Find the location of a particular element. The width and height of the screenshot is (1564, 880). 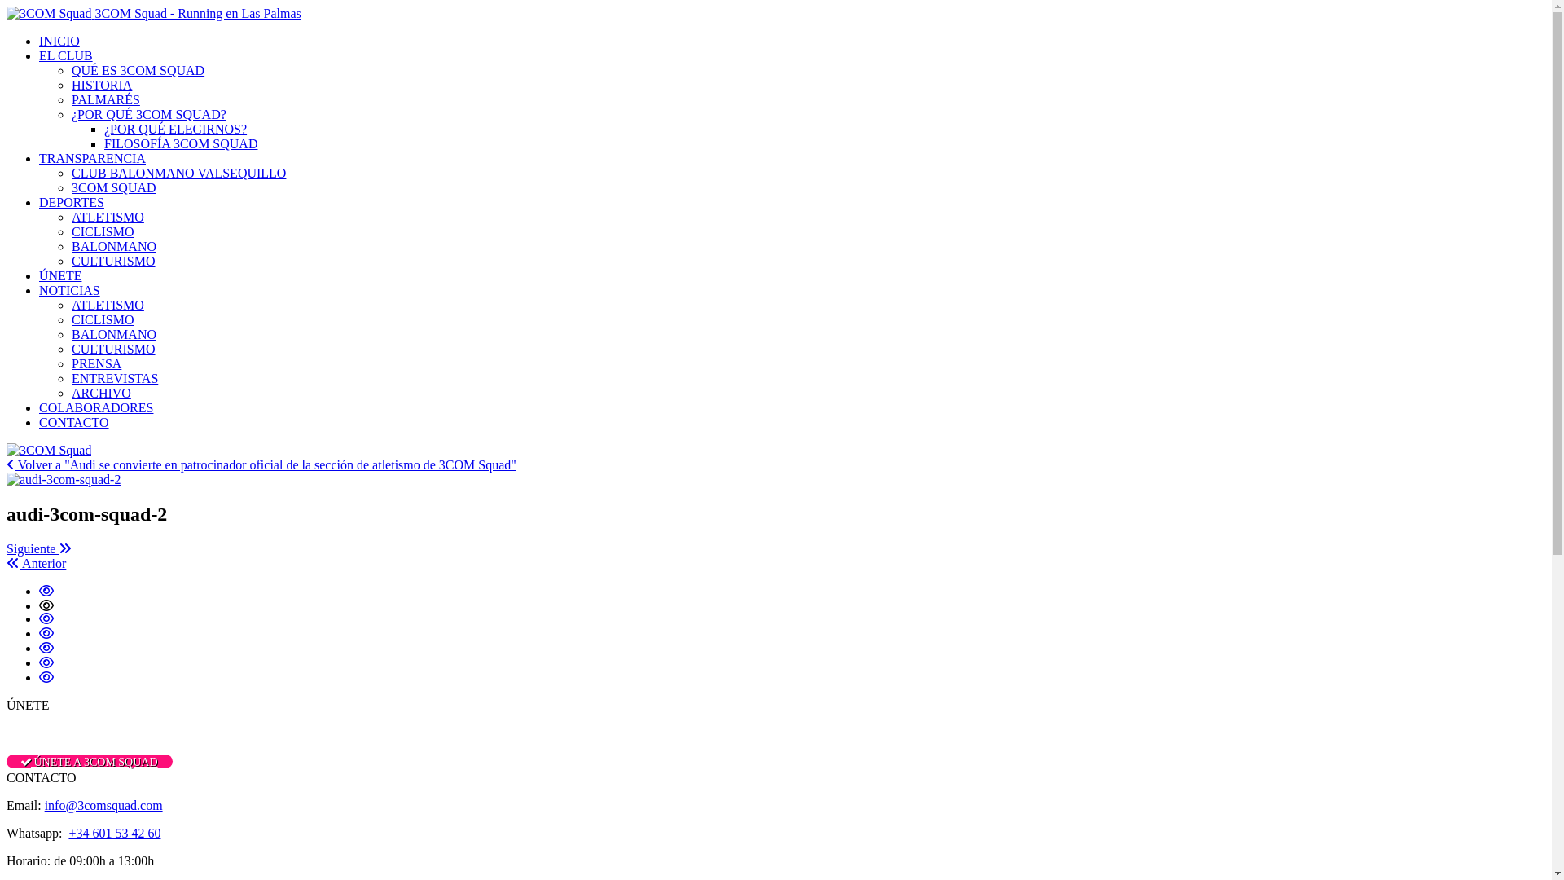

'3COM SQUAD' is located at coordinates (70, 187).